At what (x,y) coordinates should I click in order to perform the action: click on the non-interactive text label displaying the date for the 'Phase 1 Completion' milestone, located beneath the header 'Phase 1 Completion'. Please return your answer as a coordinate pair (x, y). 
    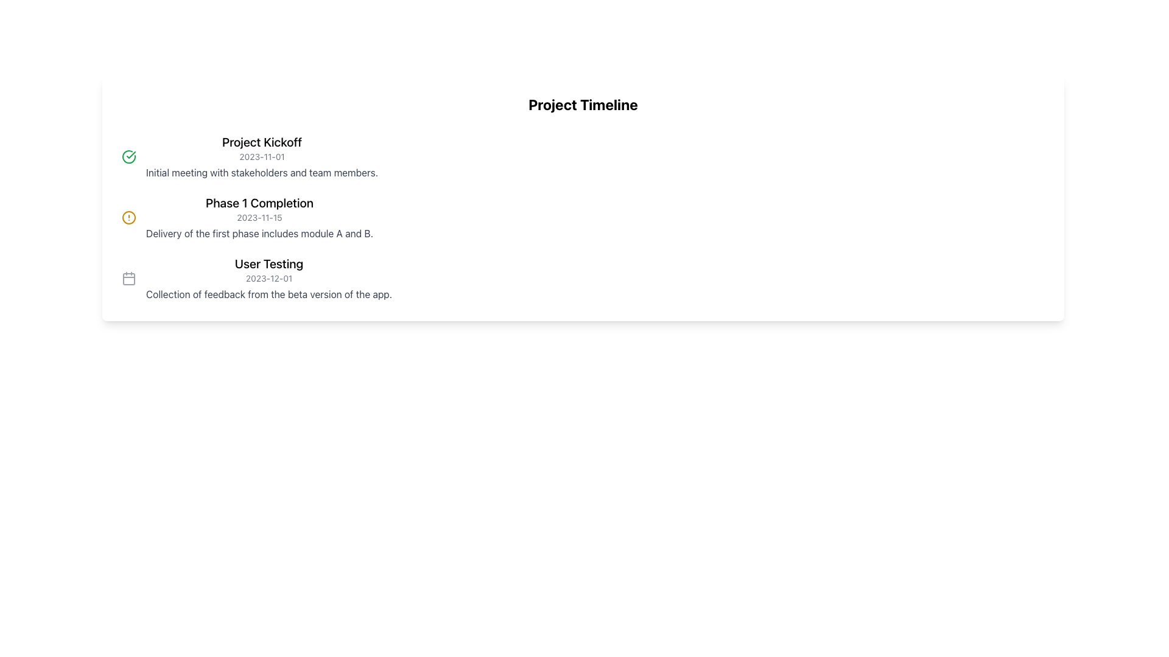
    Looking at the image, I should click on (259, 217).